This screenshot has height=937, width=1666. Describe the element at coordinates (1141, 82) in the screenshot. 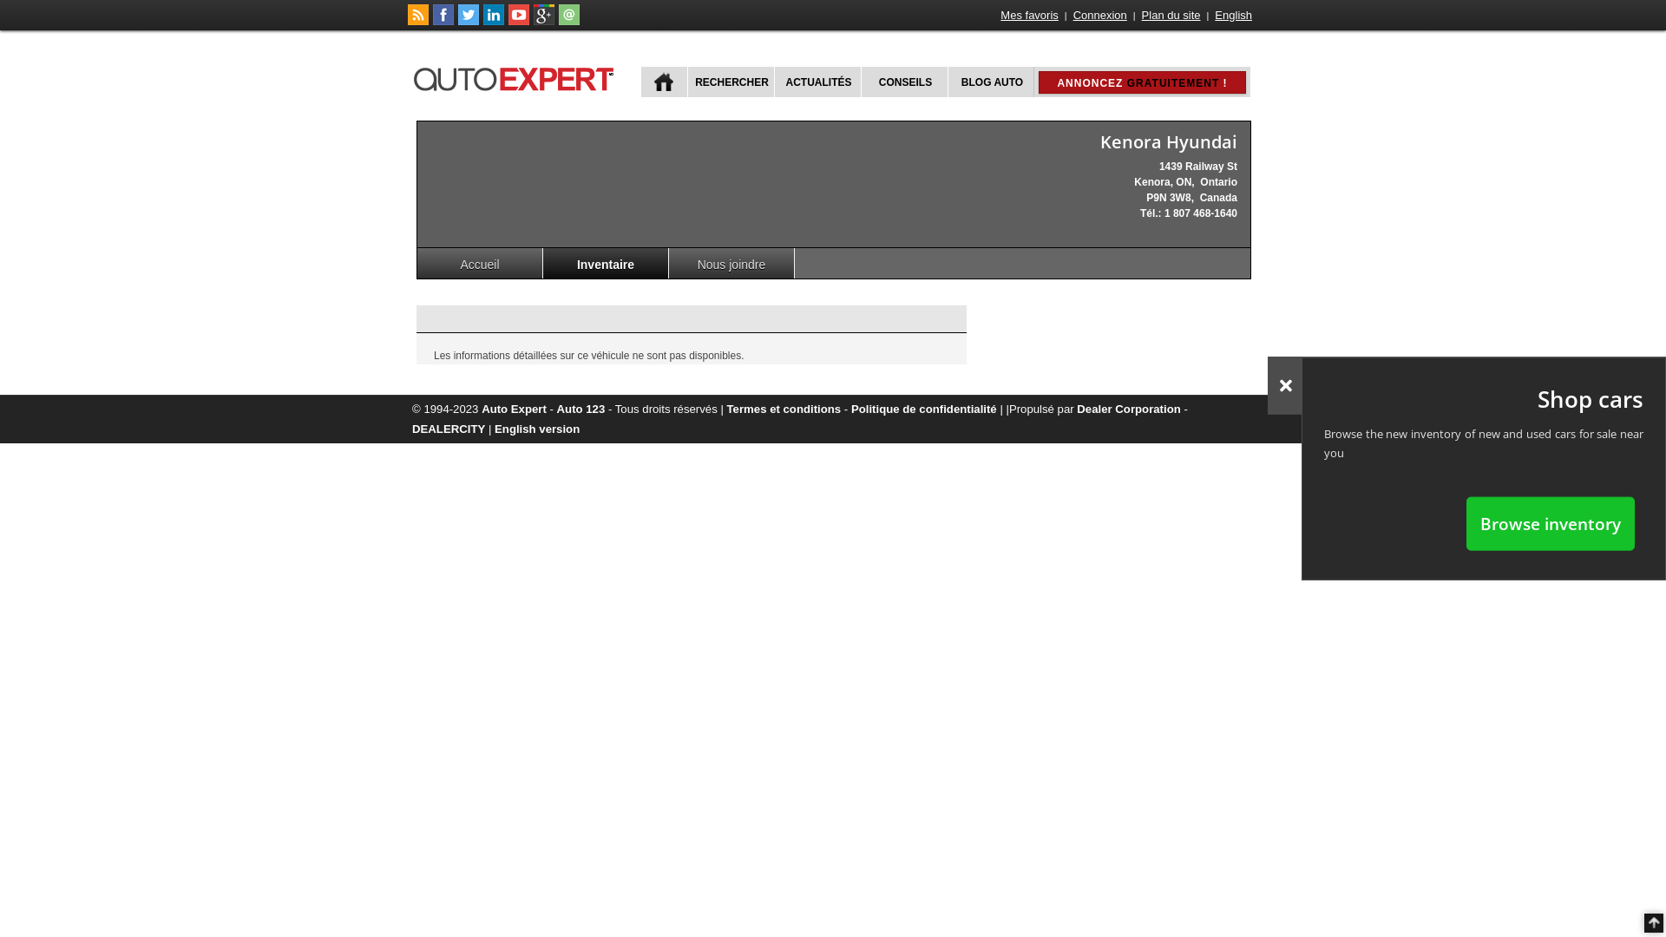

I see `'ANNONCEZ GRATUITEMENT !'` at that location.